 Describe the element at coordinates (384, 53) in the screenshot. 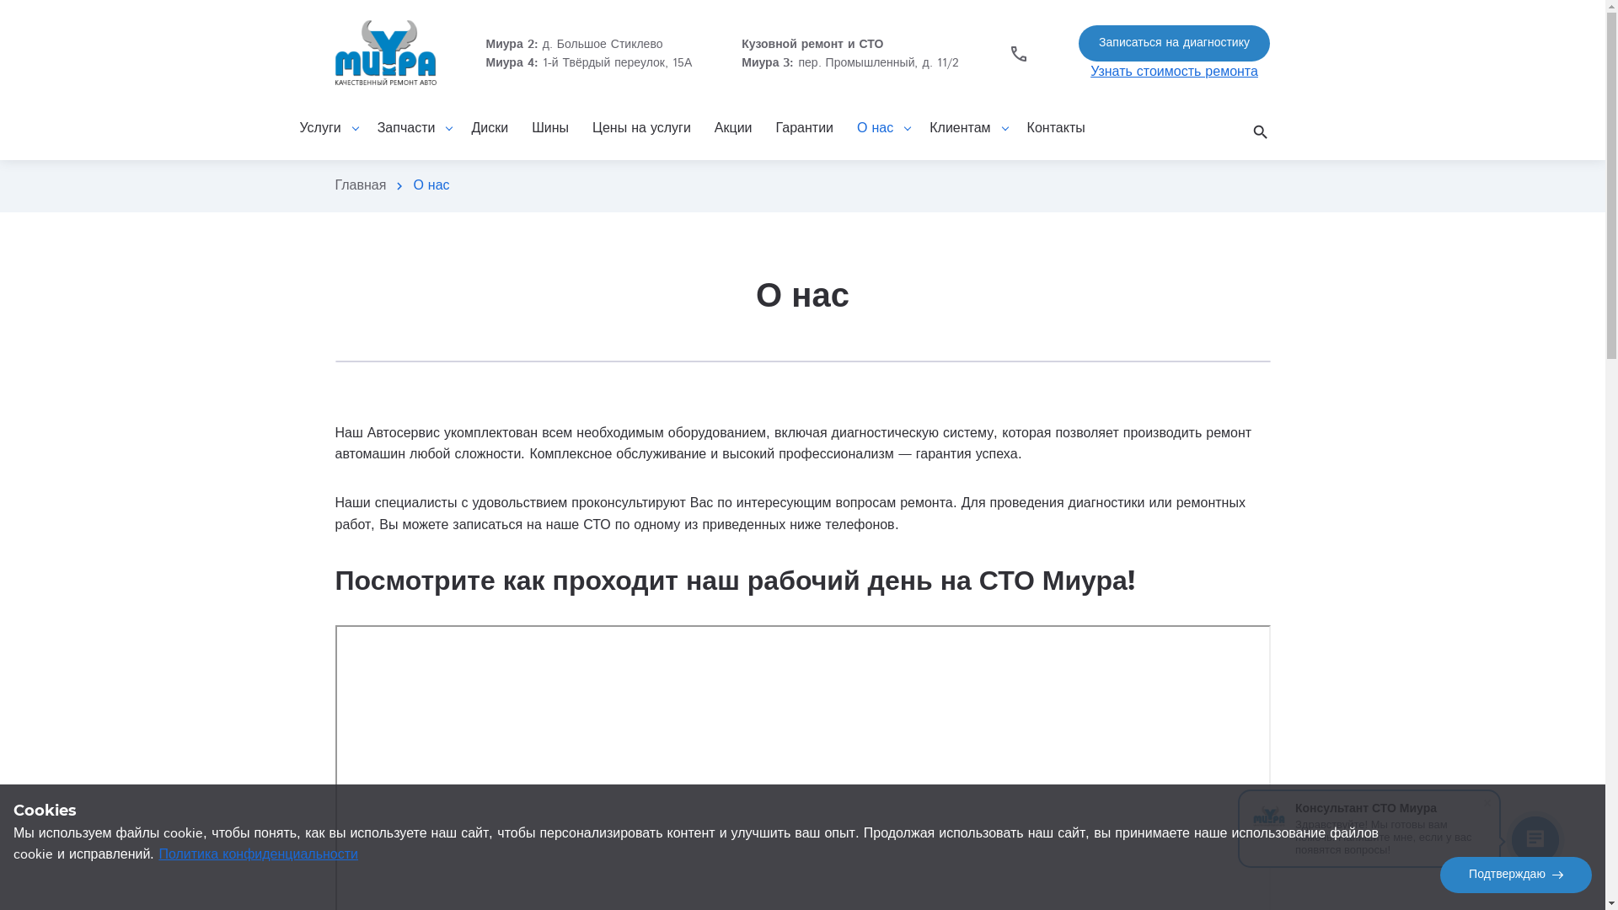

I see `'miura.by'` at that location.